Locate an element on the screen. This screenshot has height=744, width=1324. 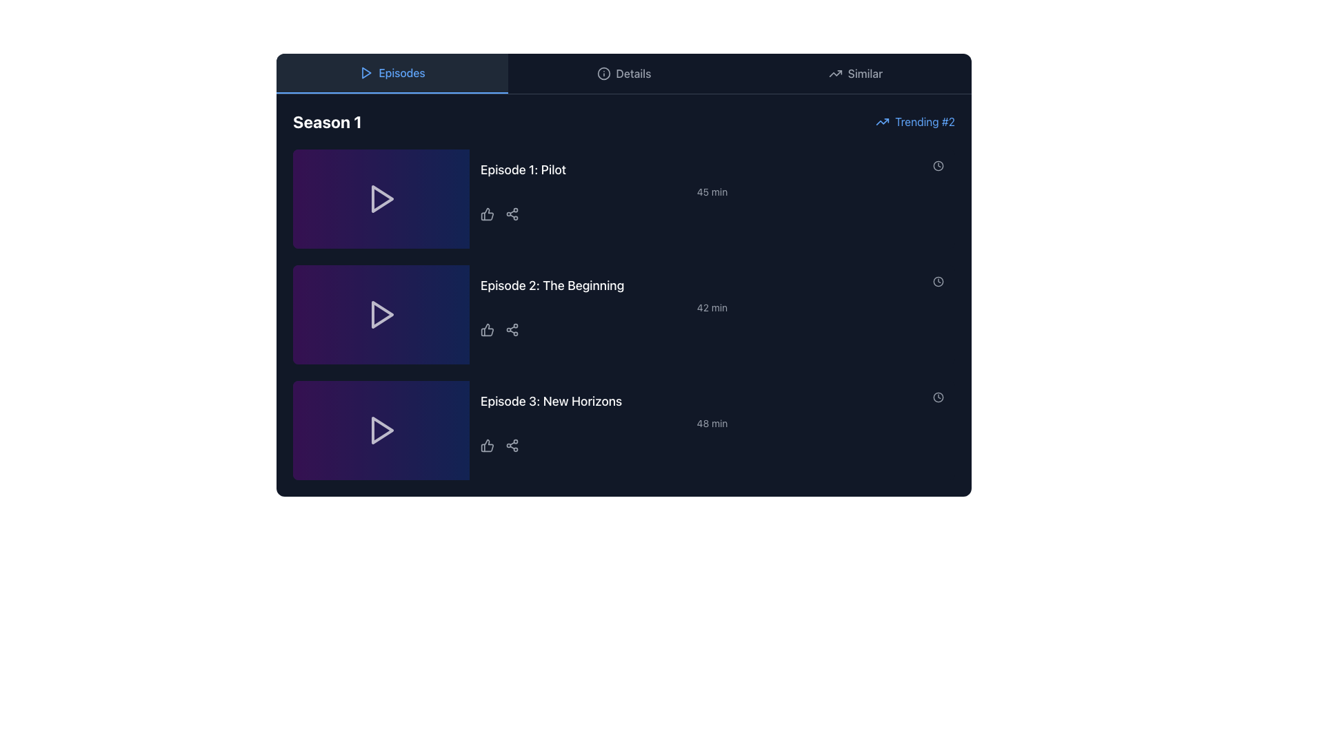
the clock icon located to the far right of the label 'Episode 2: The Beginning.' is located at coordinates (938, 280).